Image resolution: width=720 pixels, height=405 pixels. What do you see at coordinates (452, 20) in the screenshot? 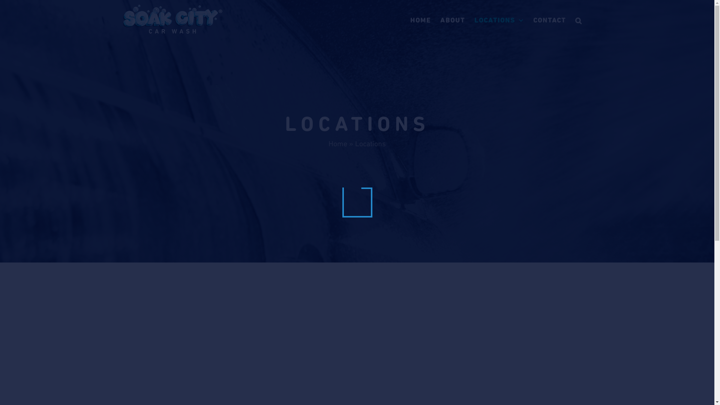
I see `'ABOUT'` at bounding box center [452, 20].